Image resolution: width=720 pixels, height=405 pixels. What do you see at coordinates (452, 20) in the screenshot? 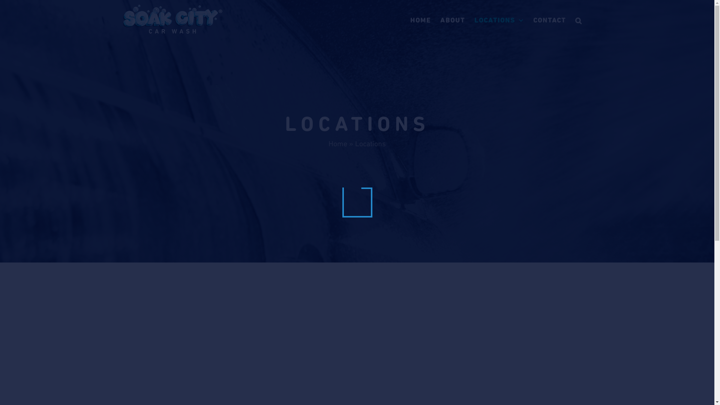
I see `'ABOUT'` at bounding box center [452, 20].